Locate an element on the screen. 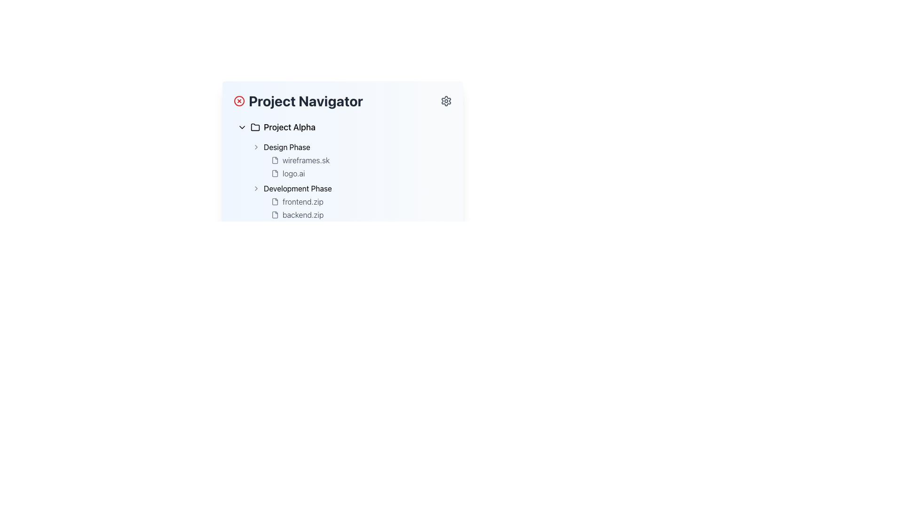 The image size is (903, 508). the first Expandable List Item labeled 'Project Alpha' is located at coordinates (342, 127).